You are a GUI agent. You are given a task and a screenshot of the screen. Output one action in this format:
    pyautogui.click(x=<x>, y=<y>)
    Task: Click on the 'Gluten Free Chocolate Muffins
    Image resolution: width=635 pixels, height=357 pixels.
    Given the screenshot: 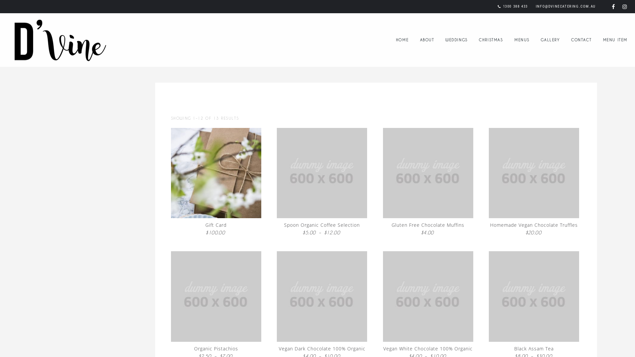 What is the action you would take?
    pyautogui.click(x=428, y=182)
    